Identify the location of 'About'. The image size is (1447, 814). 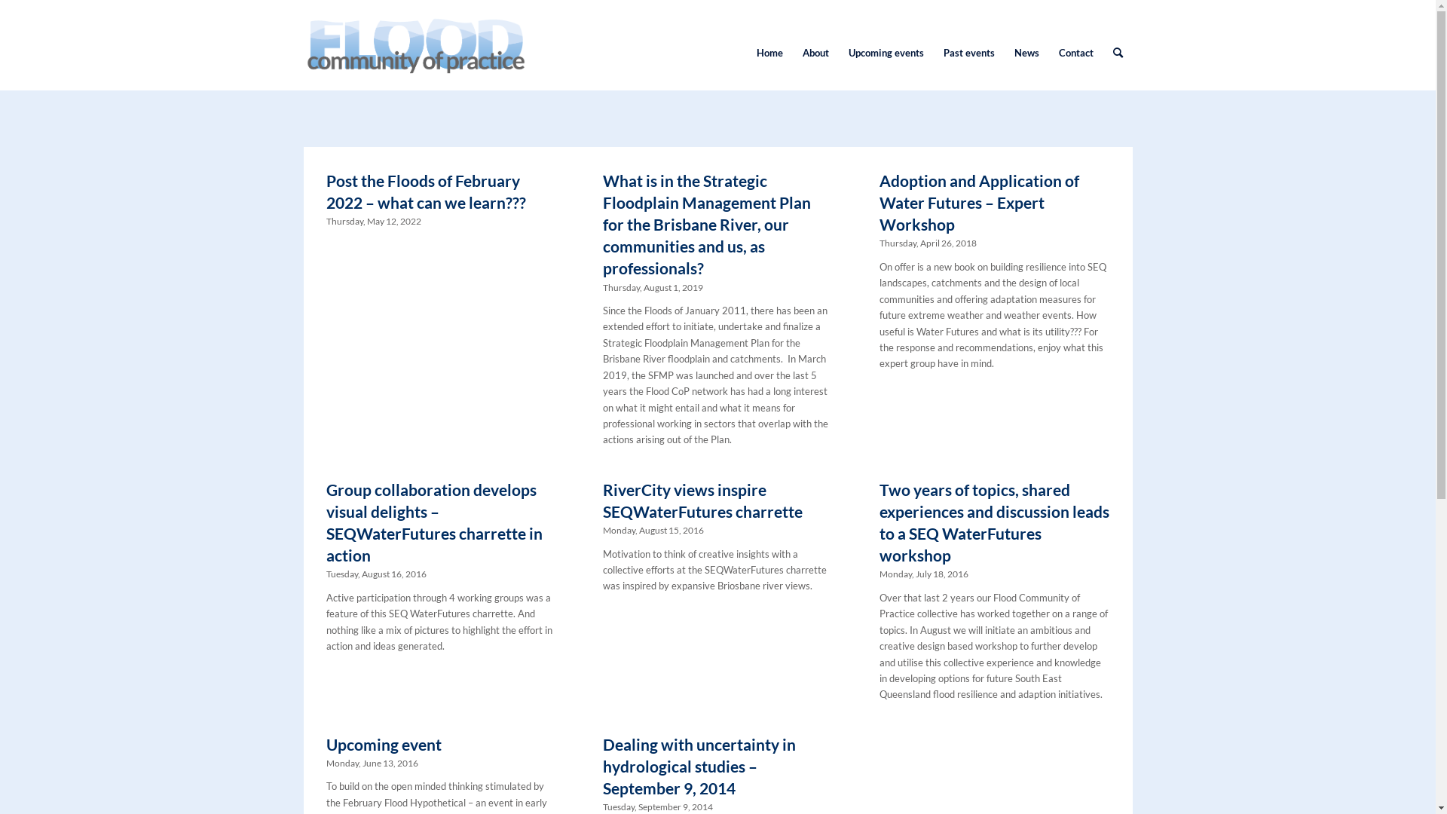
(815, 51).